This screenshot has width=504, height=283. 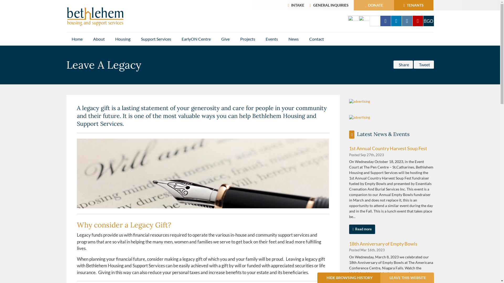 I want to click on 'Housing', so click(x=109, y=39).